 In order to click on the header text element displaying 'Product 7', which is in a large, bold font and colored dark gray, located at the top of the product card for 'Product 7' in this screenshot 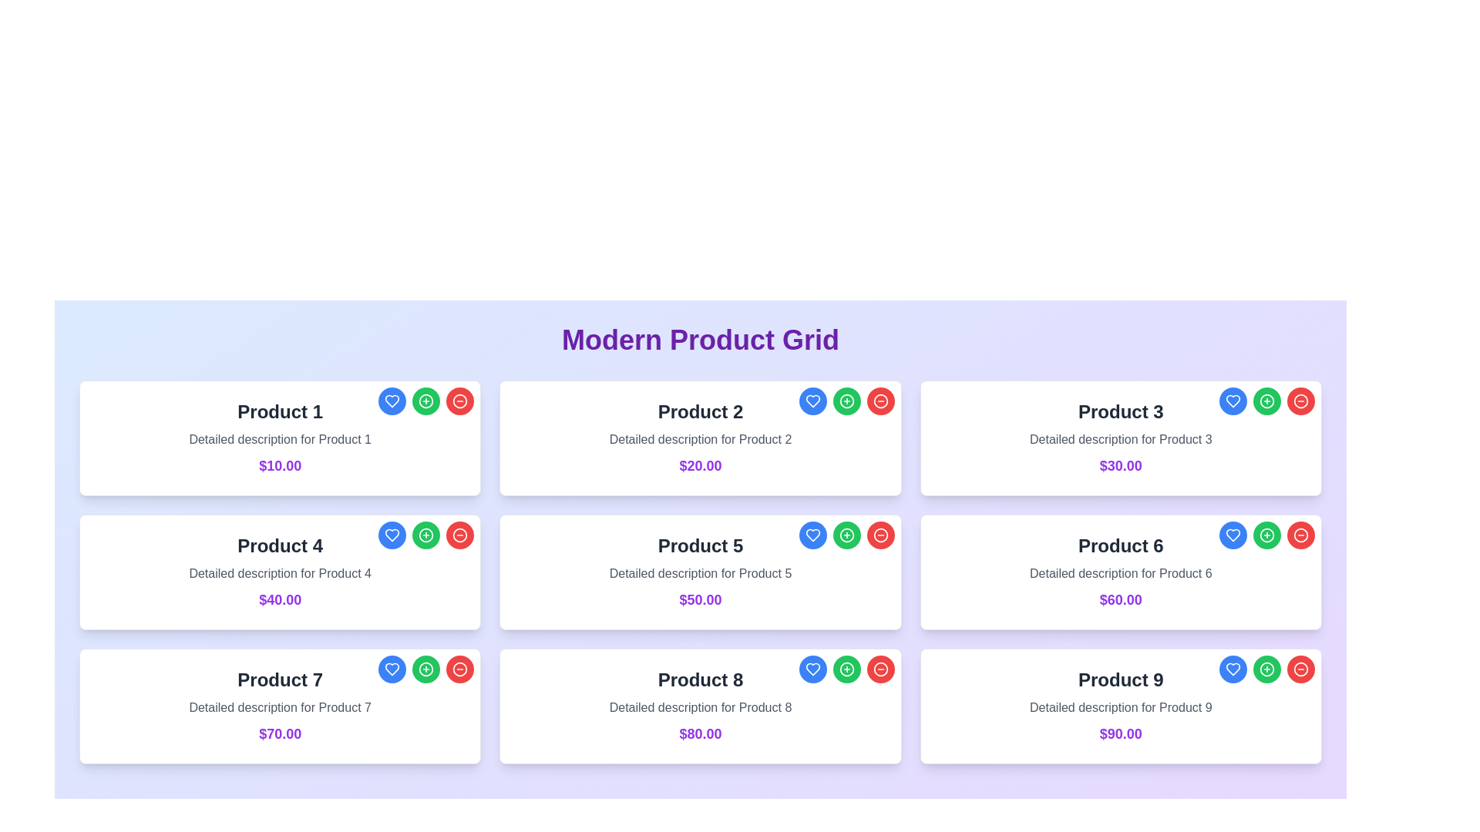, I will do `click(280, 679)`.